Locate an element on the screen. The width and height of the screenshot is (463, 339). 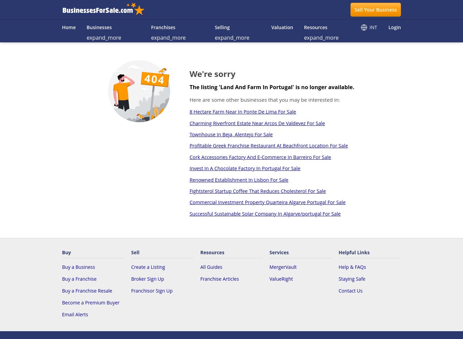
'Email Alerts' is located at coordinates (75, 314).